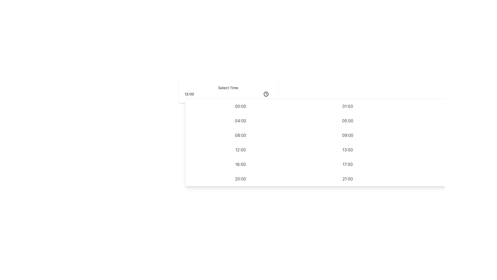  Describe the element at coordinates (266, 94) in the screenshot. I see `the clock icon button located in the upper-right corner of the 'Select Time' input field` at that location.